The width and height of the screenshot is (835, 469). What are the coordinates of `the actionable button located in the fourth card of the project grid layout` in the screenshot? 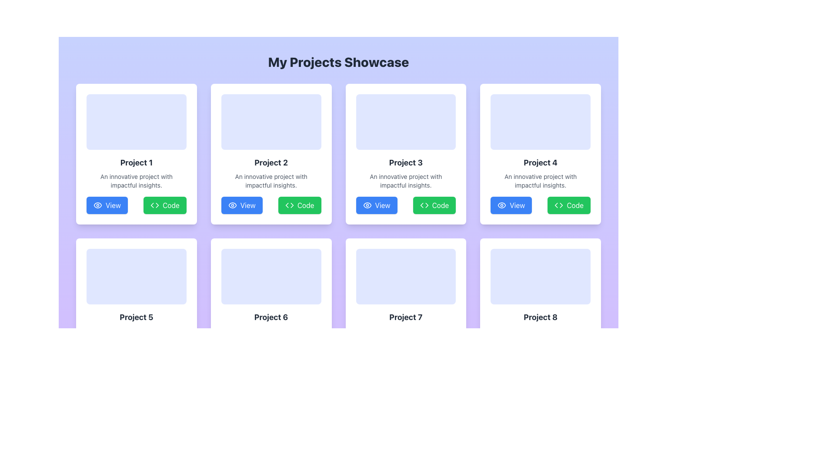 It's located at (511, 205).